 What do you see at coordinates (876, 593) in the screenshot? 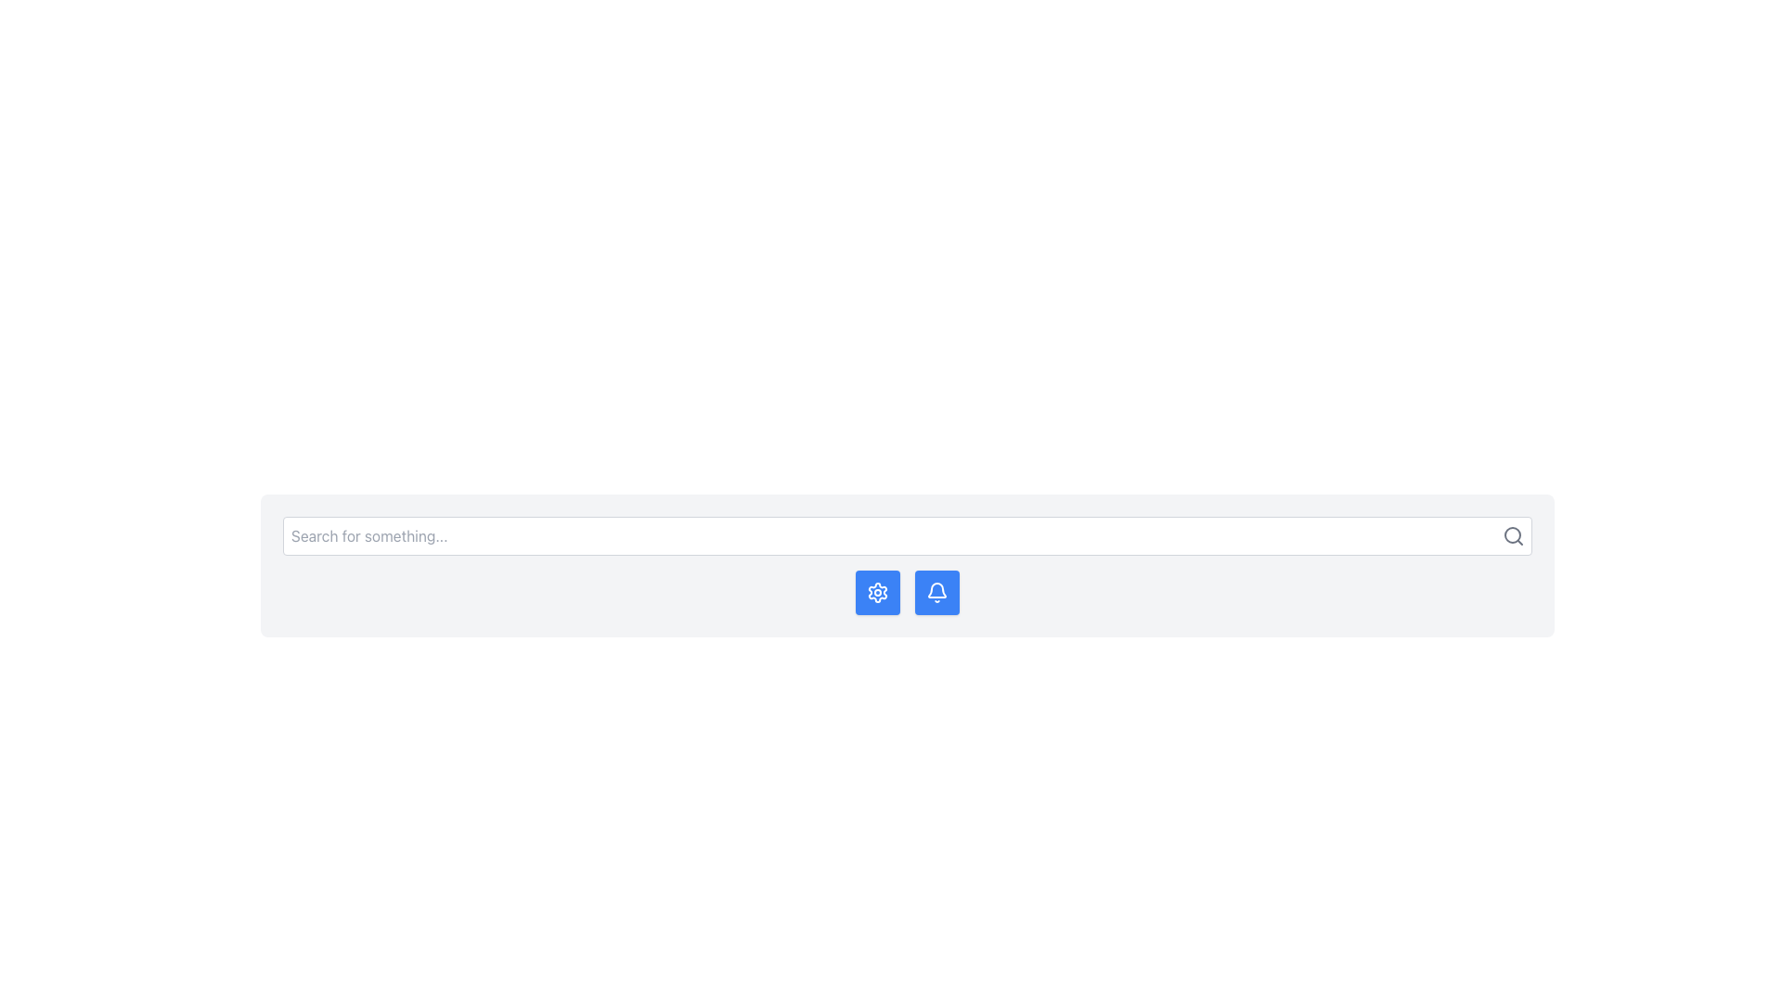
I see `the gear-shaped settings button with a blue background and white strokes` at bounding box center [876, 593].